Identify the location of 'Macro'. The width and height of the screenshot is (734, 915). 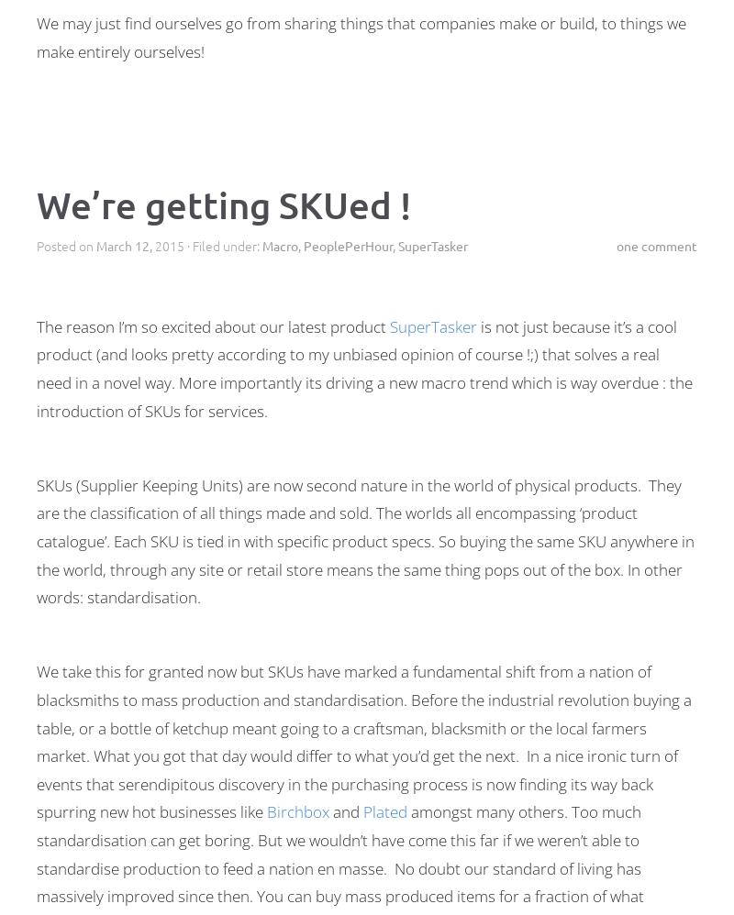
(279, 244).